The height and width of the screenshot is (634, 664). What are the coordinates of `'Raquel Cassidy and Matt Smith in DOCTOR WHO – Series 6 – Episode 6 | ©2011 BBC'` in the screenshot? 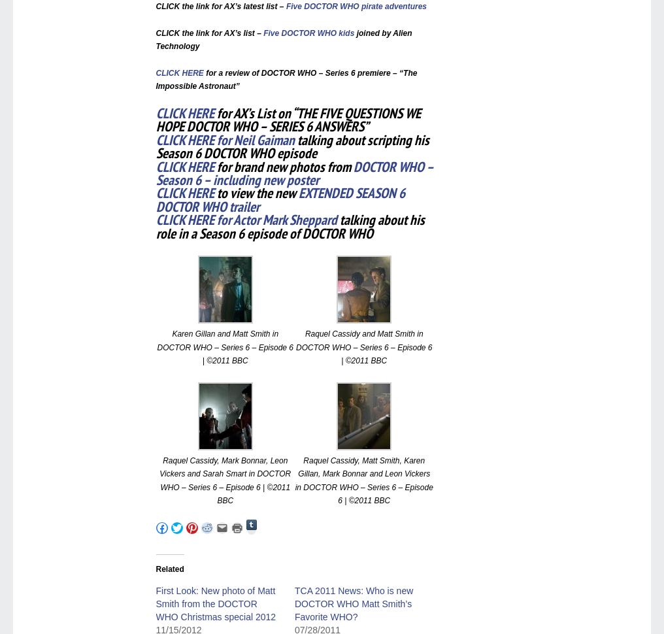 It's located at (363, 347).